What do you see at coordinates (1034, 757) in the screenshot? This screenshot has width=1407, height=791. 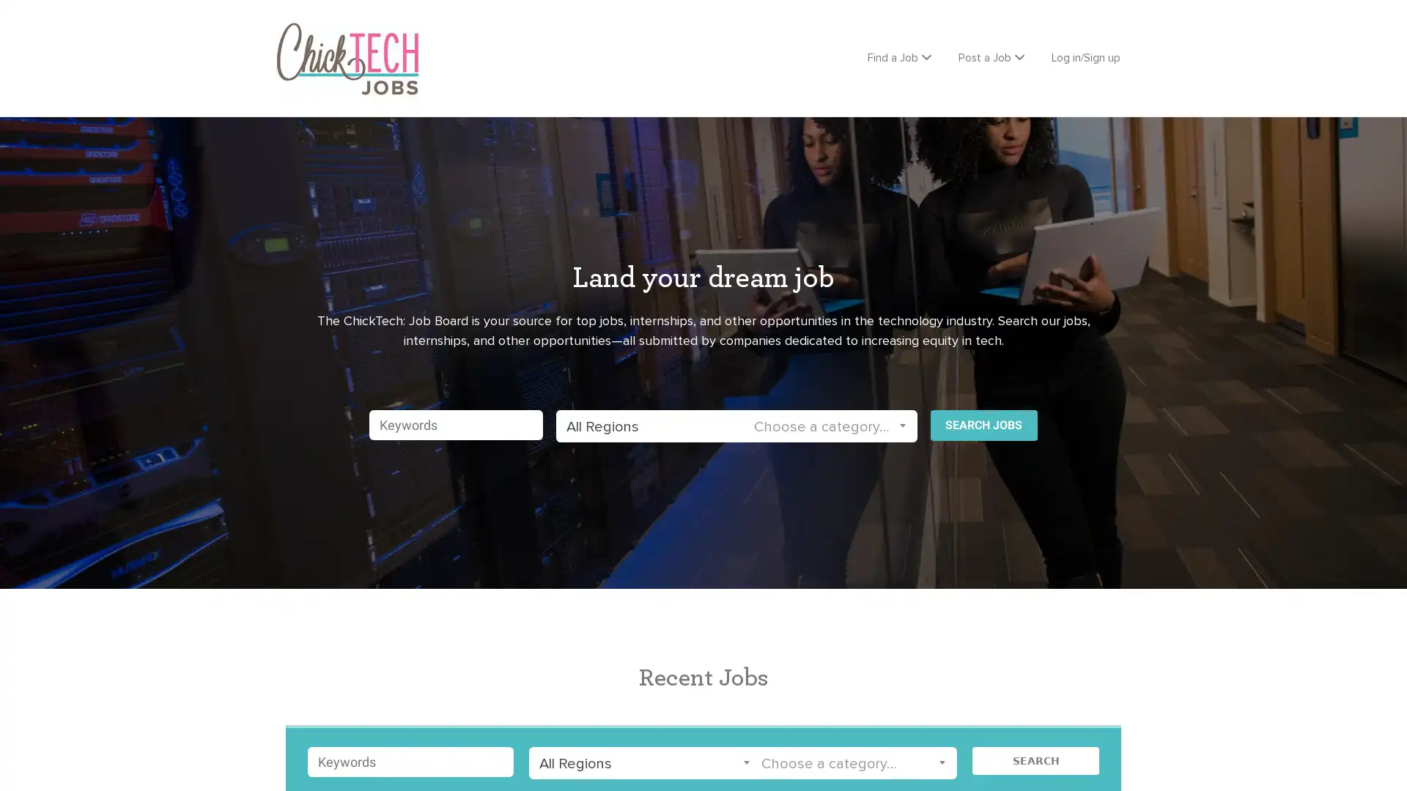 I see `Search` at bounding box center [1034, 757].